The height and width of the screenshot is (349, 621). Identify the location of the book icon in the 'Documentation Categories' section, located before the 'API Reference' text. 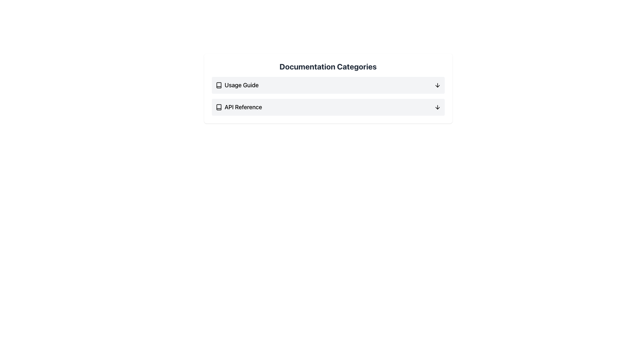
(219, 107).